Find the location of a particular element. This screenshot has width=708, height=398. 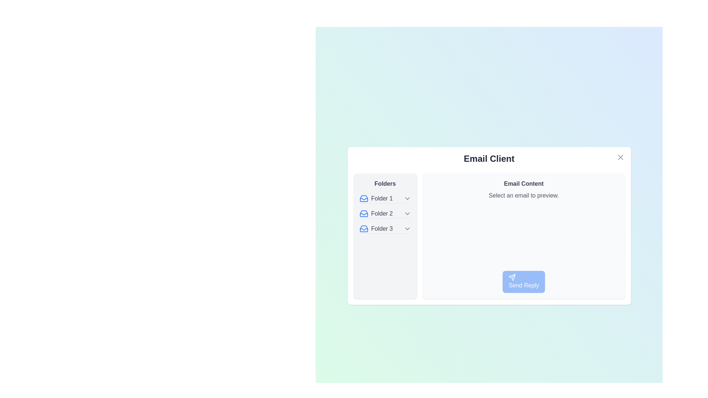

the text label that serves as a heading for the list of folders in the left panel of the email client interface is located at coordinates (385, 183).